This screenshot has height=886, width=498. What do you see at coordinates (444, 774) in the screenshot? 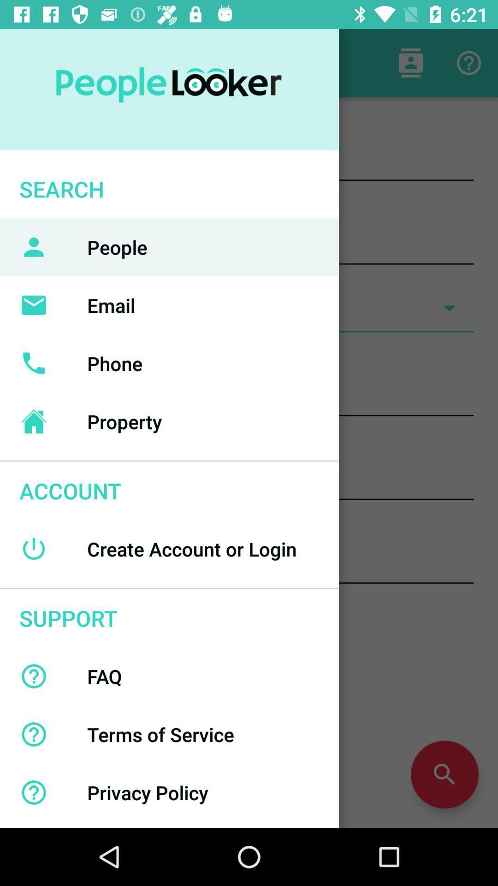
I see `the search icon` at bounding box center [444, 774].